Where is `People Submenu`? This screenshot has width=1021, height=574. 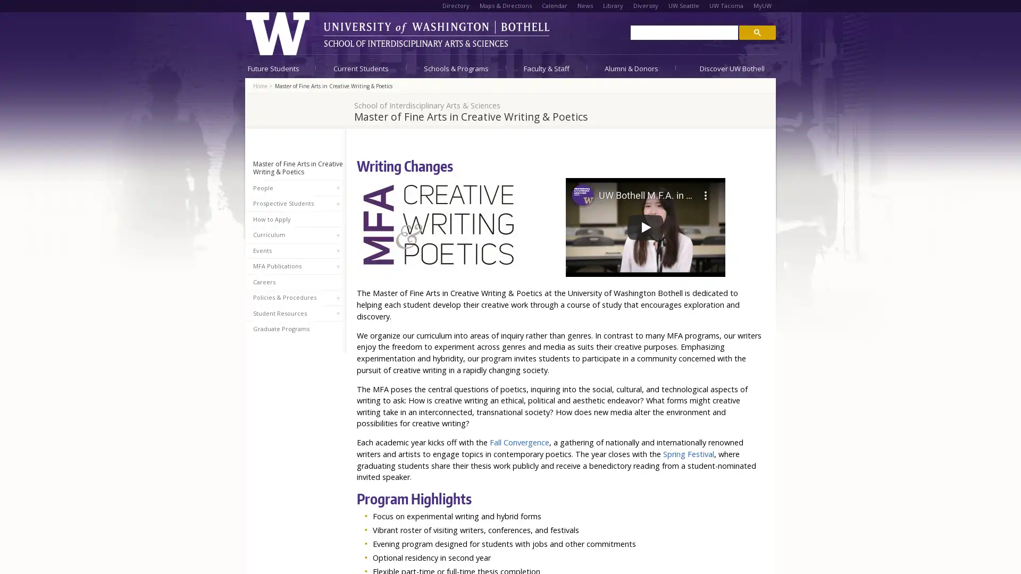
People Submenu is located at coordinates (338, 188).